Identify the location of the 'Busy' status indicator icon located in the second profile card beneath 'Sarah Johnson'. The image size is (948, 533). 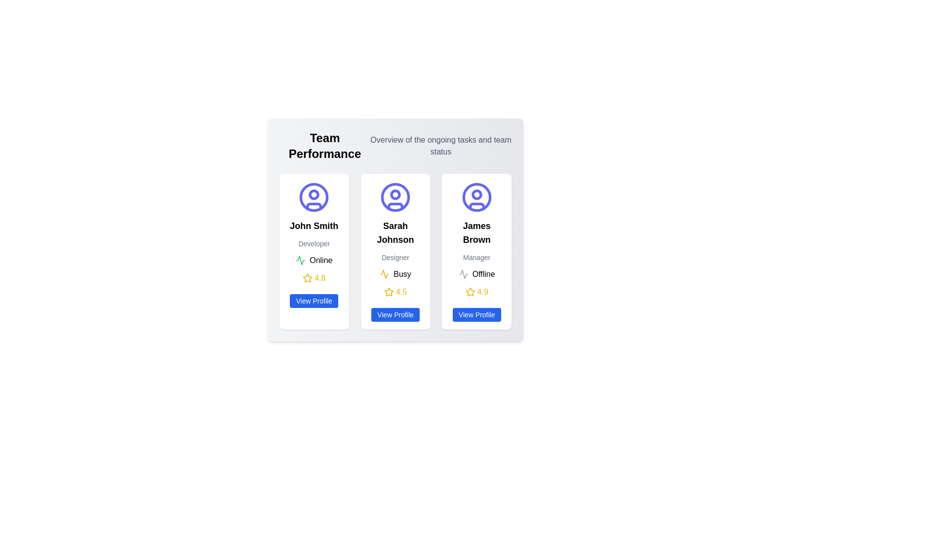
(384, 274).